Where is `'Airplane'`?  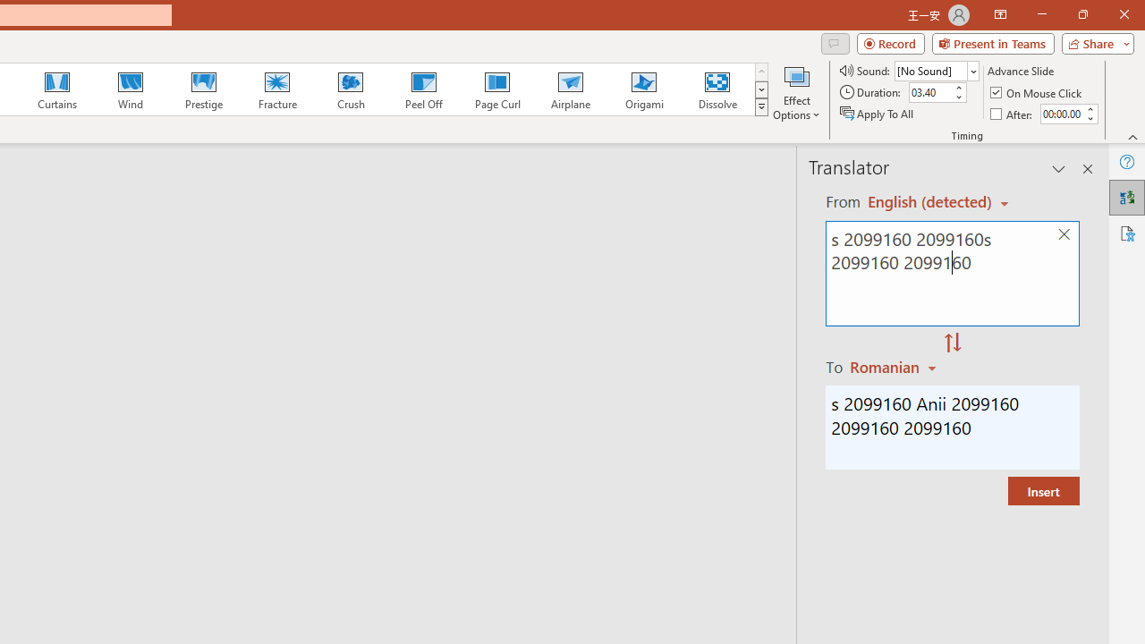 'Airplane' is located at coordinates (569, 89).